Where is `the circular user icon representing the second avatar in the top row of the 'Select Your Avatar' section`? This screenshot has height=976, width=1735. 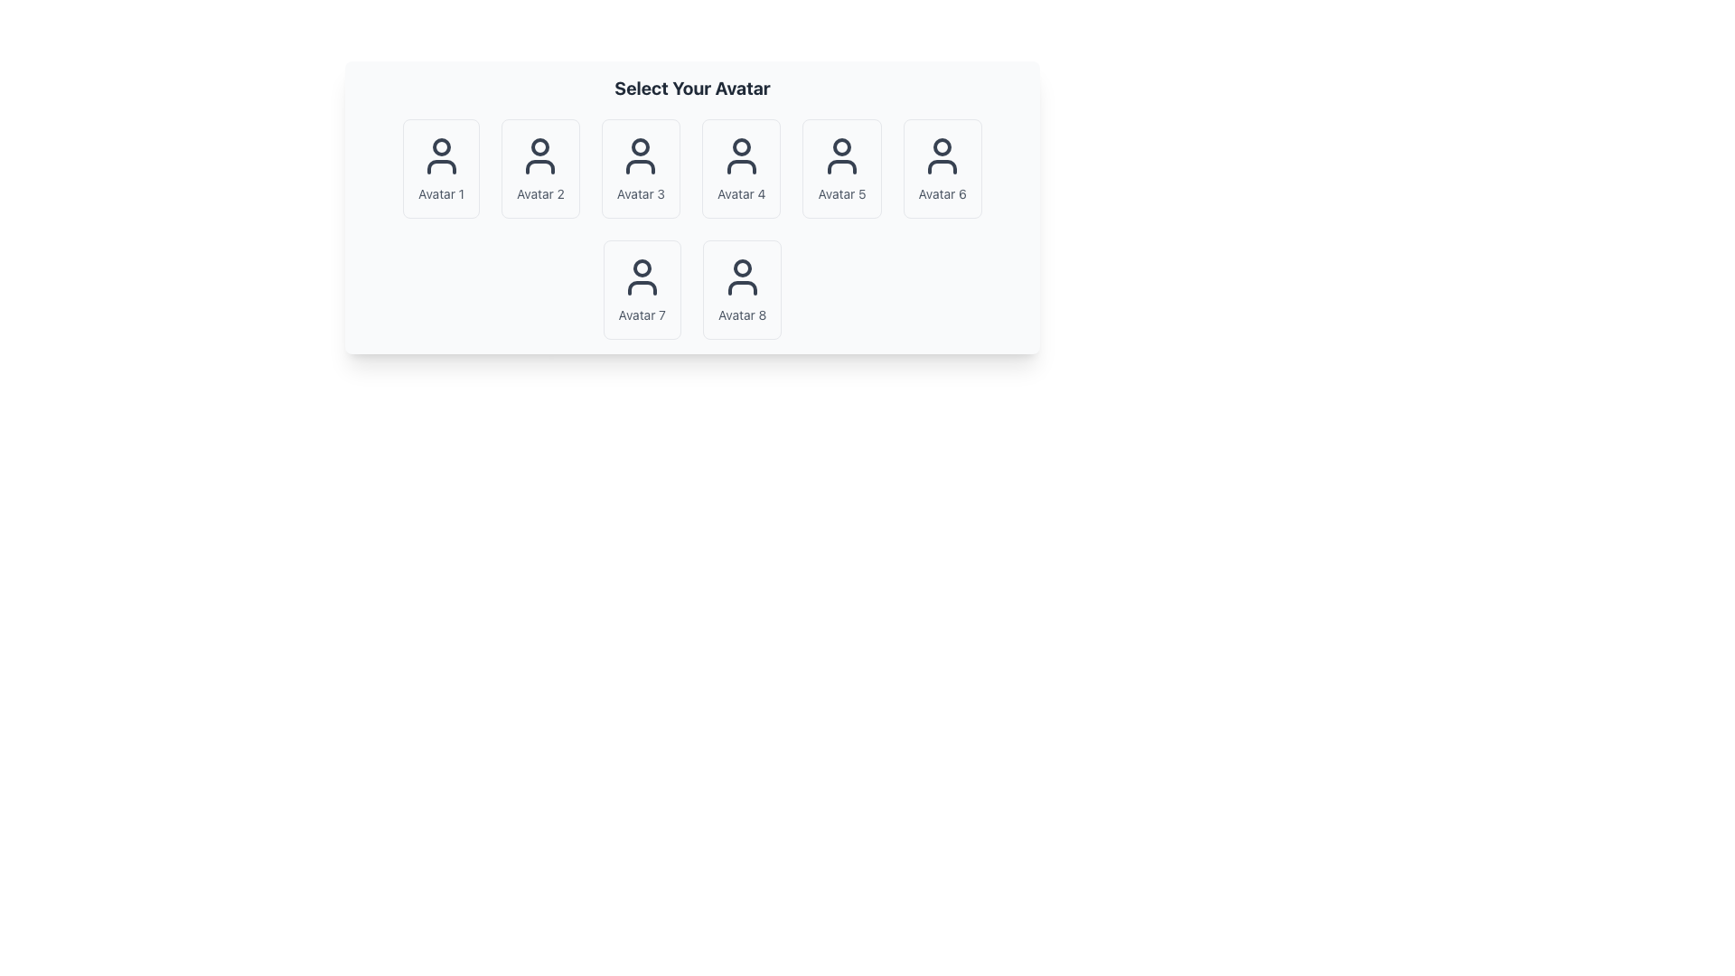 the circular user icon representing the second avatar in the top row of the 'Select Your Avatar' section is located at coordinates (539, 145).